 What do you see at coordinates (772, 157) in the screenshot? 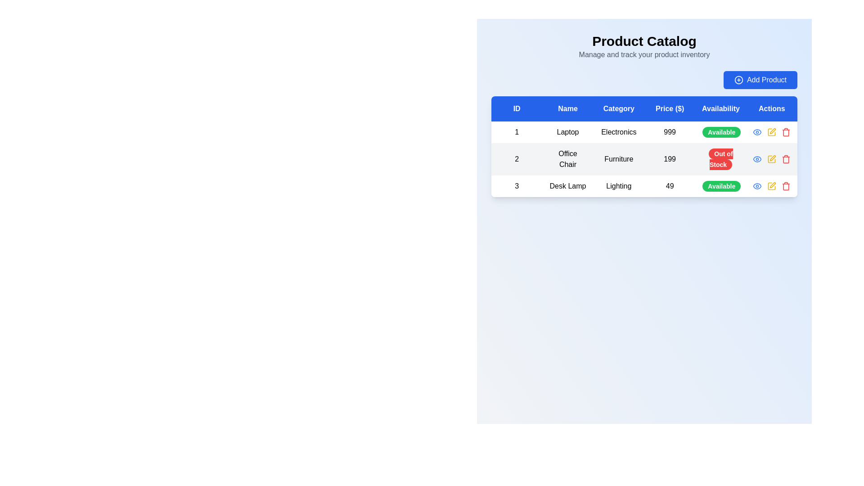
I see `the pen icon button in the 'Actions' column of the 'Office Chair' row` at bounding box center [772, 157].